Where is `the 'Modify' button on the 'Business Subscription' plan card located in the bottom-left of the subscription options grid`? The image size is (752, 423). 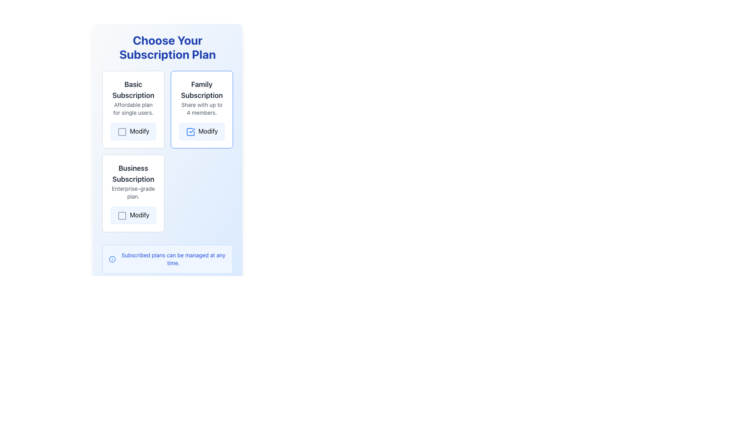
the 'Modify' button on the 'Business Subscription' plan card located in the bottom-left of the subscription options grid is located at coordinates (133, 193).